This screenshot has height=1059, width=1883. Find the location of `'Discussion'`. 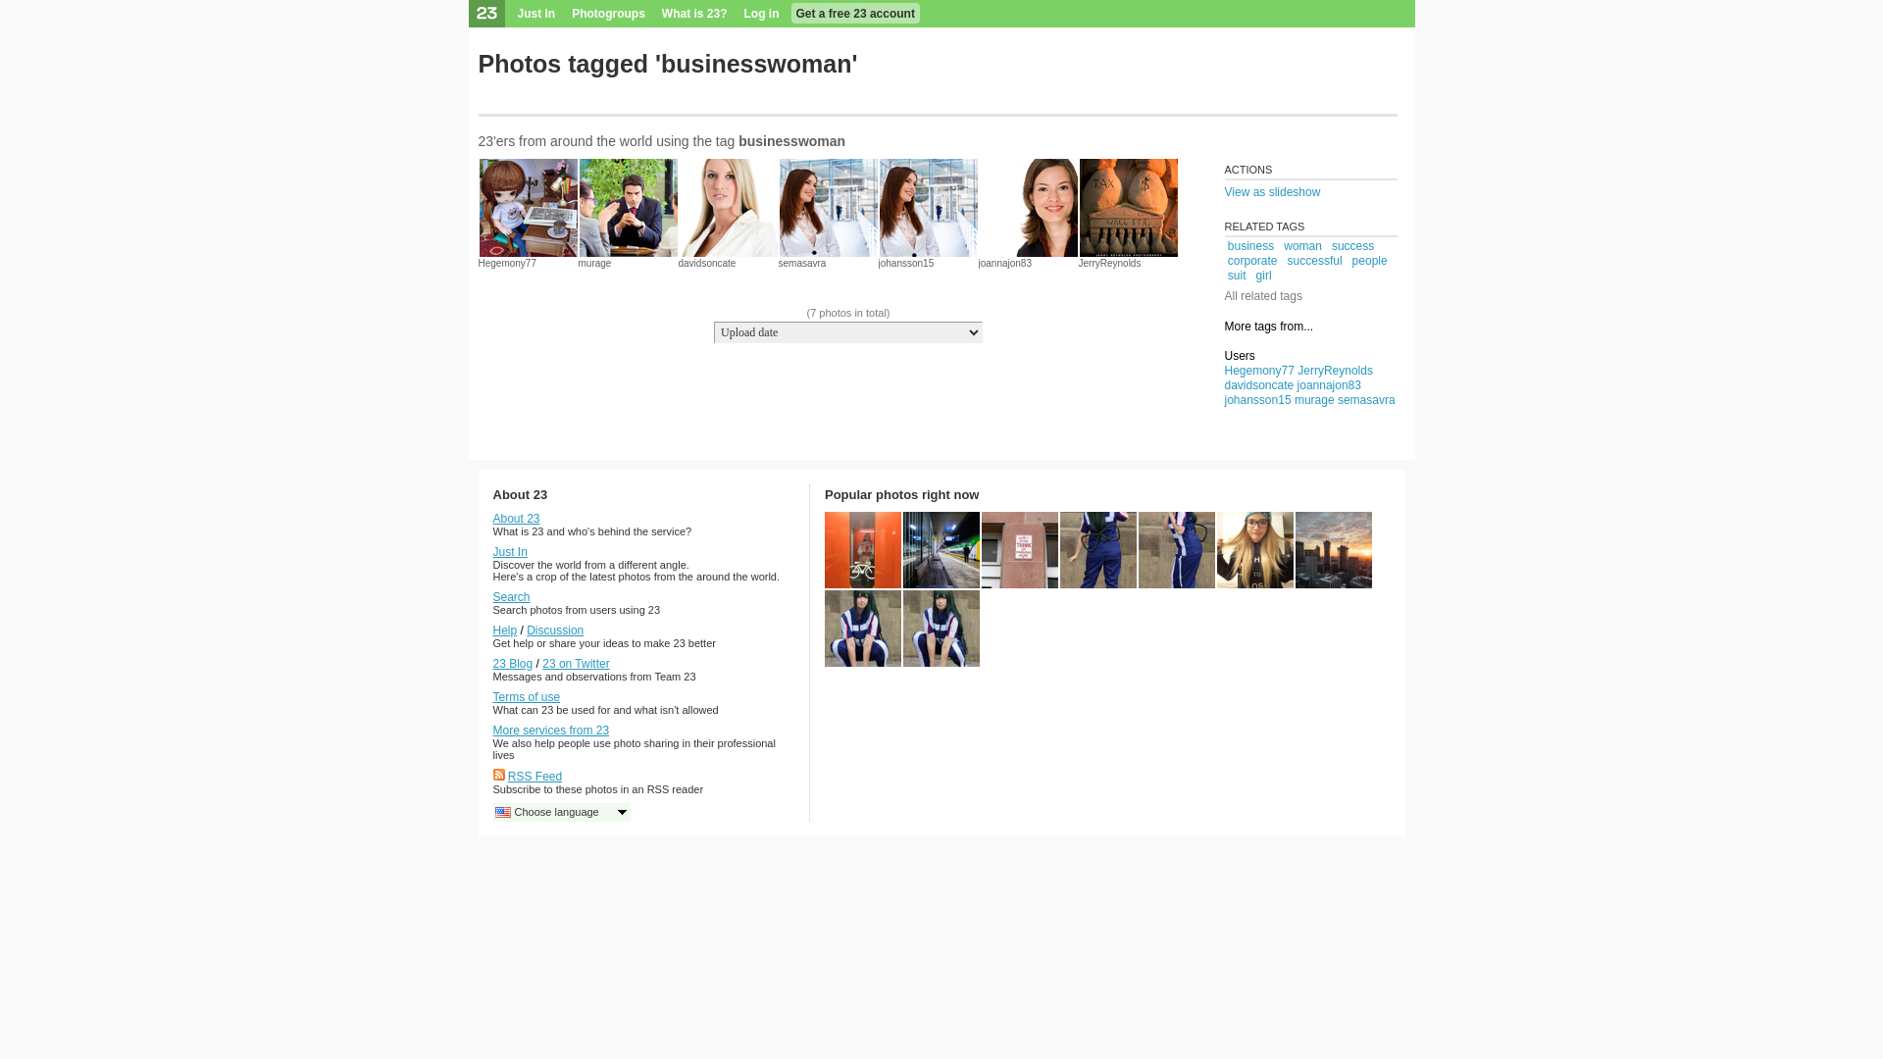

'Discussion' is located at coordinates (554, 630).